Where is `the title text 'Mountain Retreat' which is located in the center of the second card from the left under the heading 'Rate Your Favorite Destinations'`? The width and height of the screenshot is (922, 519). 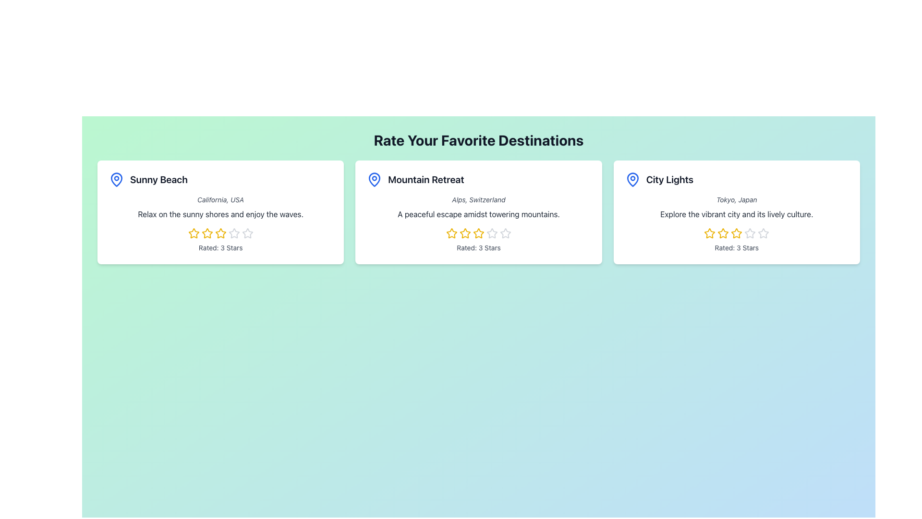
the title text 'Mountain Retreat' which is located in the center of the second card from the left under the heading 'Rate Your Favorite Destinations' is located at coordinates (425, 180).